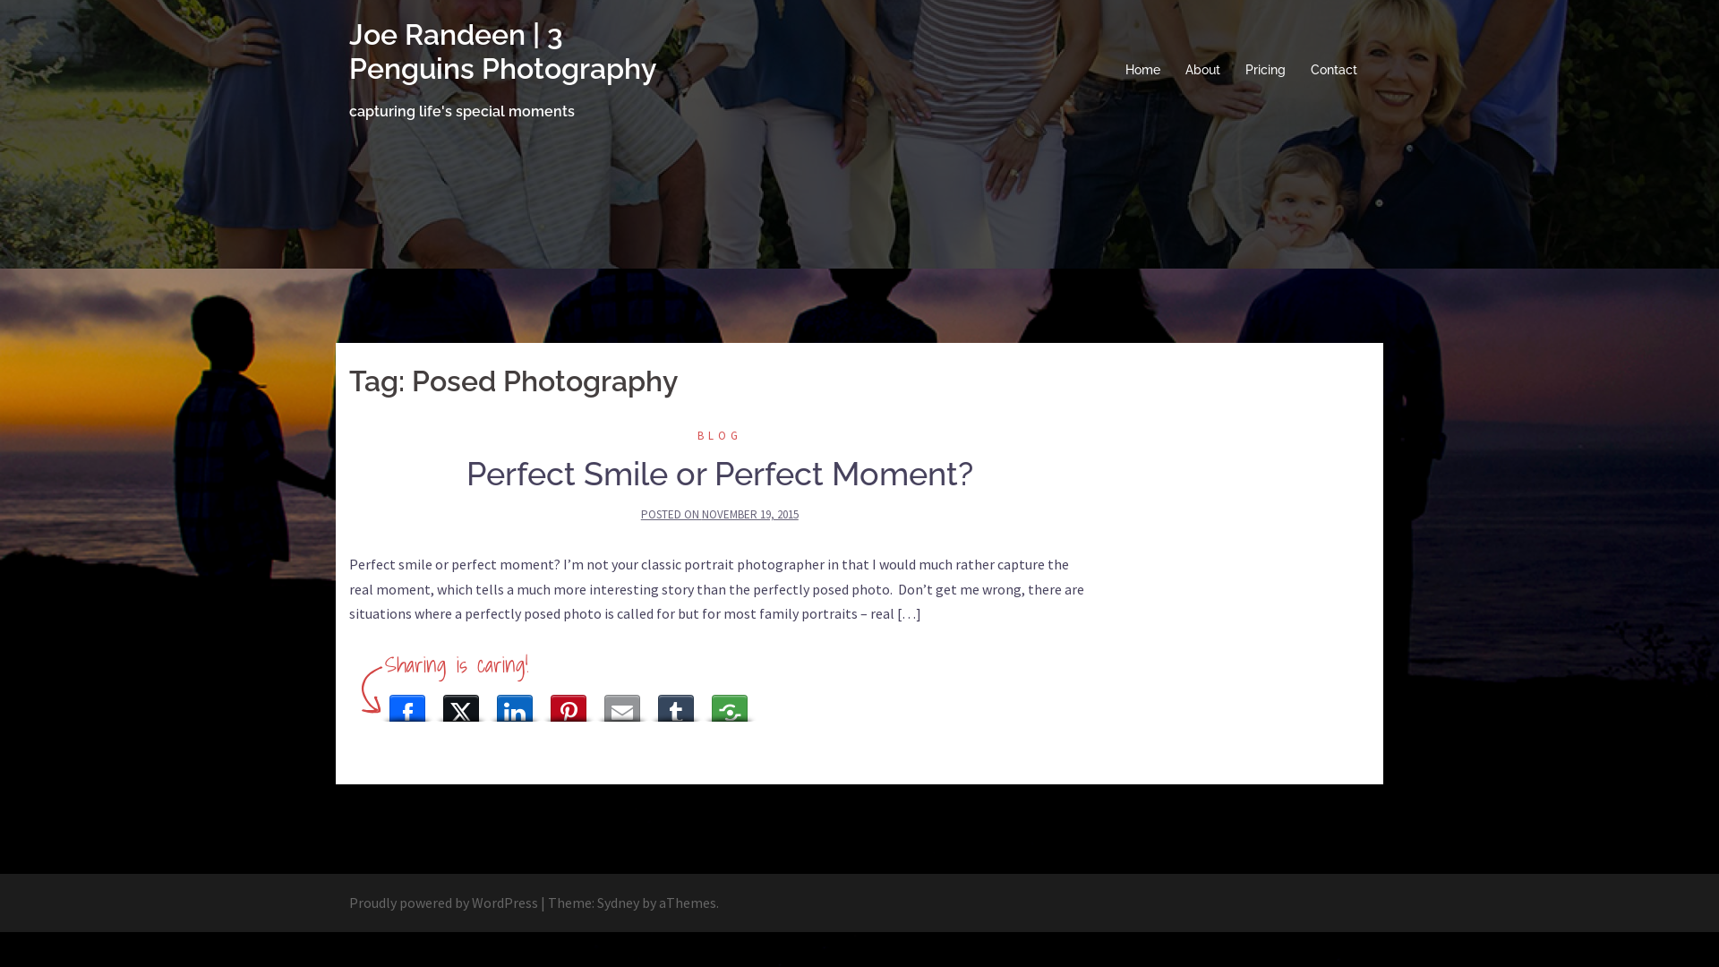  I want to click on 'Sydney', so click(618, 902).